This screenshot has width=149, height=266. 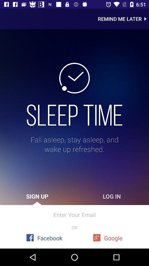 What do you see at coordinates (74, 115) in the screenshot?
I see `sleep time icon` at bounding box center [74, 115].